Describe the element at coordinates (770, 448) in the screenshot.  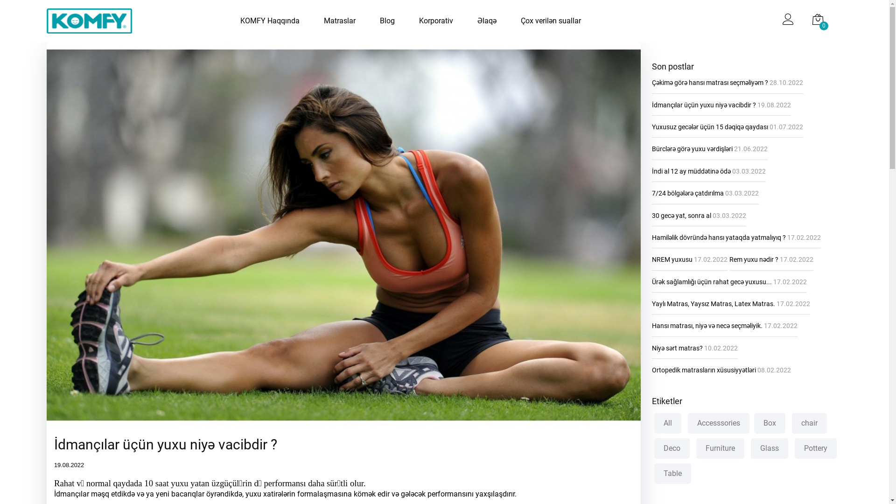
I see `'Glass'` at that location.